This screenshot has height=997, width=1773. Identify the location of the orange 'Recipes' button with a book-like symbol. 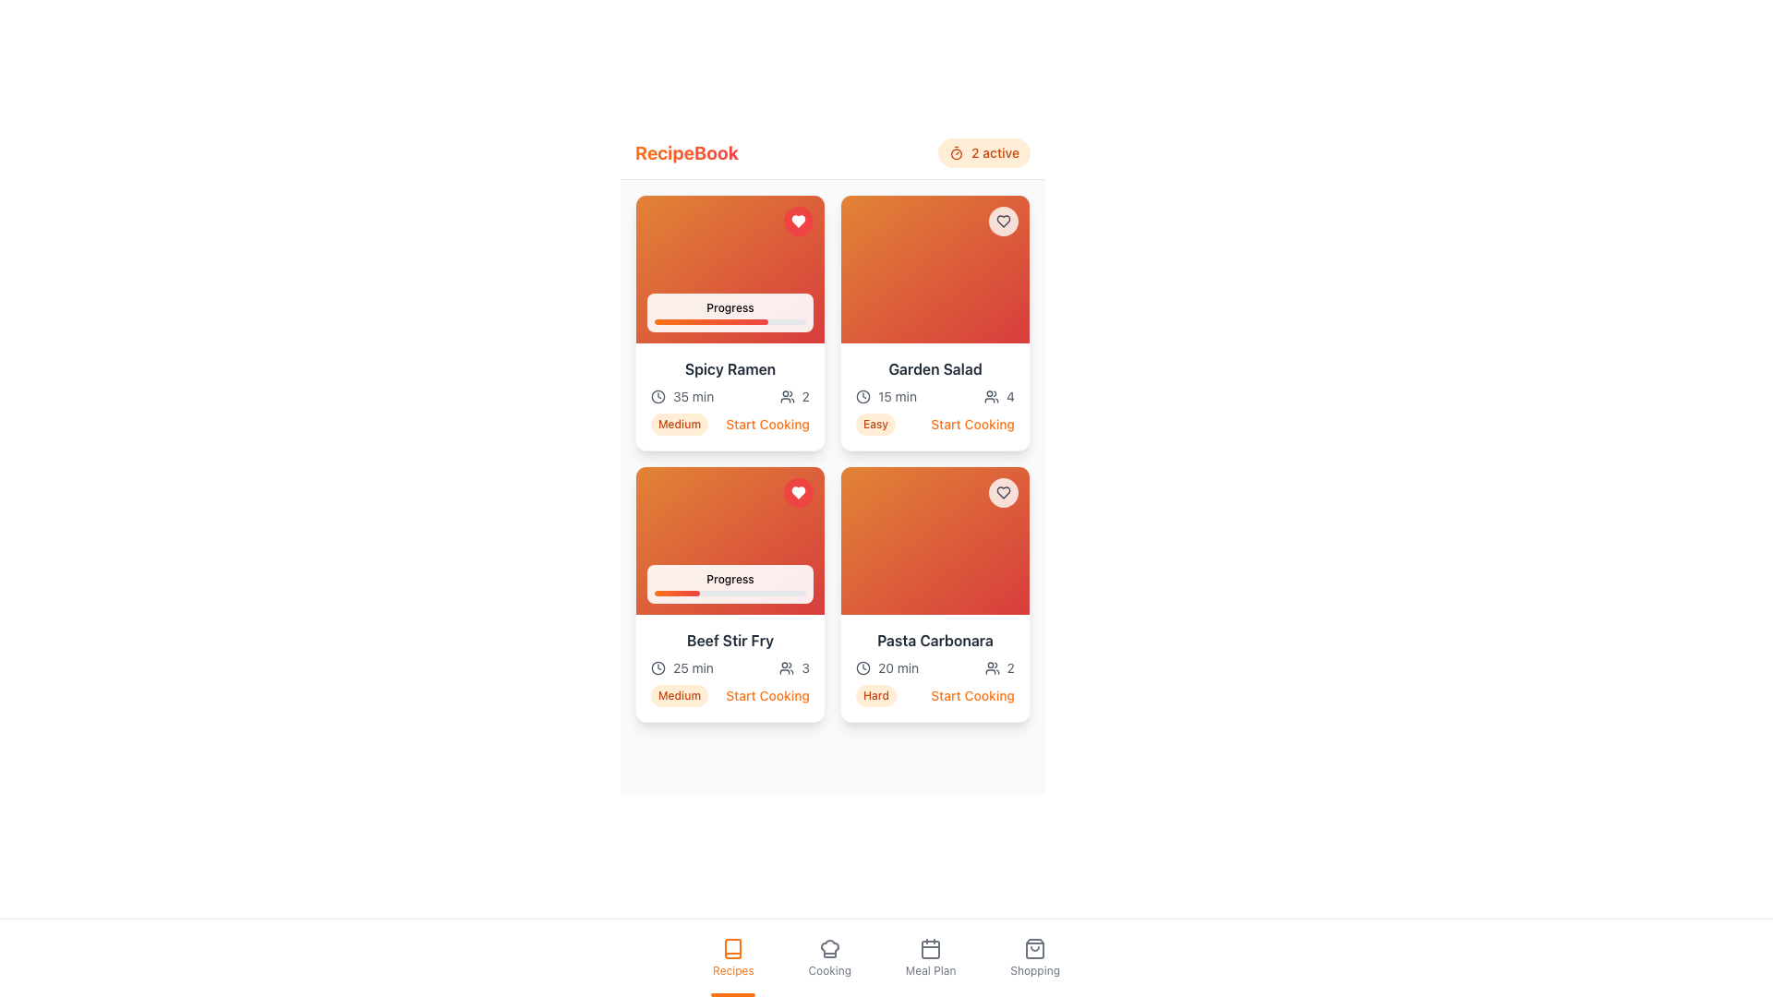
(732, 956).